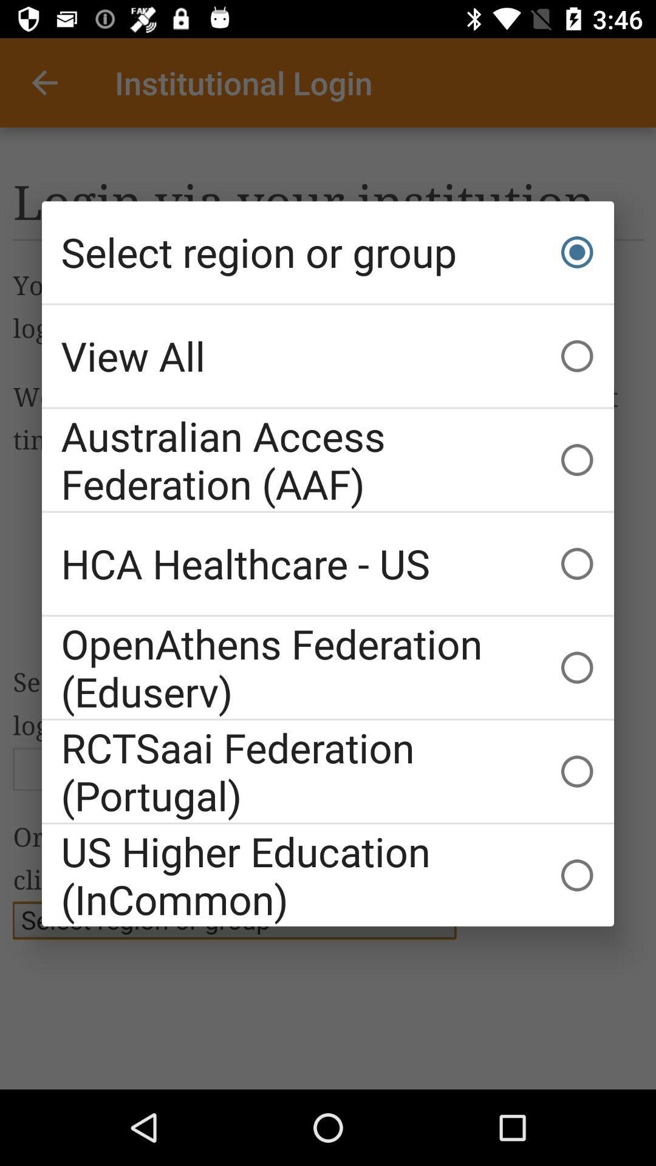  What do you see at coordinates (328, 875) in the screenshot?
I see `the icon at the bottom` at bounding box center [328, 875].